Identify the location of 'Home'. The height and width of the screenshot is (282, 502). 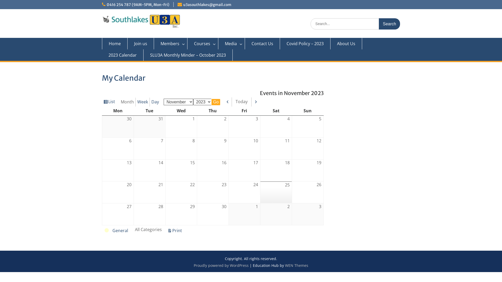
(114, 43).